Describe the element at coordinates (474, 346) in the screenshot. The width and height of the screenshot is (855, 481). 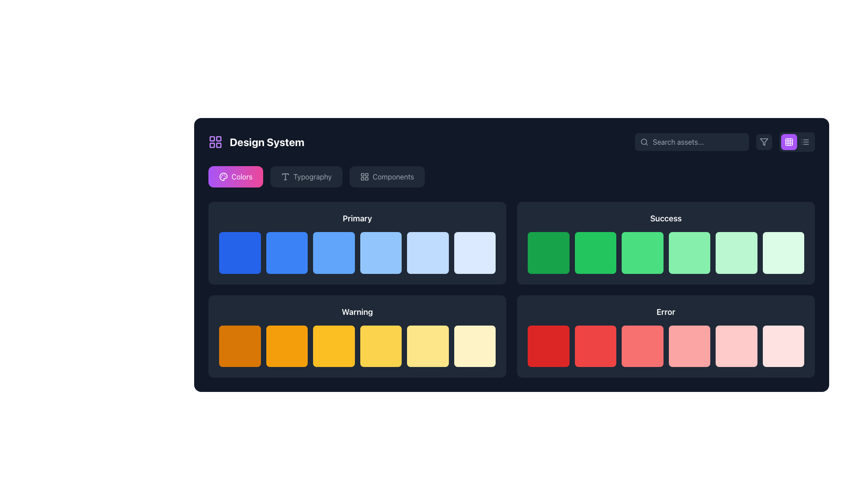
I see `the square tile with rounded corners and a light yellow background located in the sixth position of the 'Warning' category grid` at that location.